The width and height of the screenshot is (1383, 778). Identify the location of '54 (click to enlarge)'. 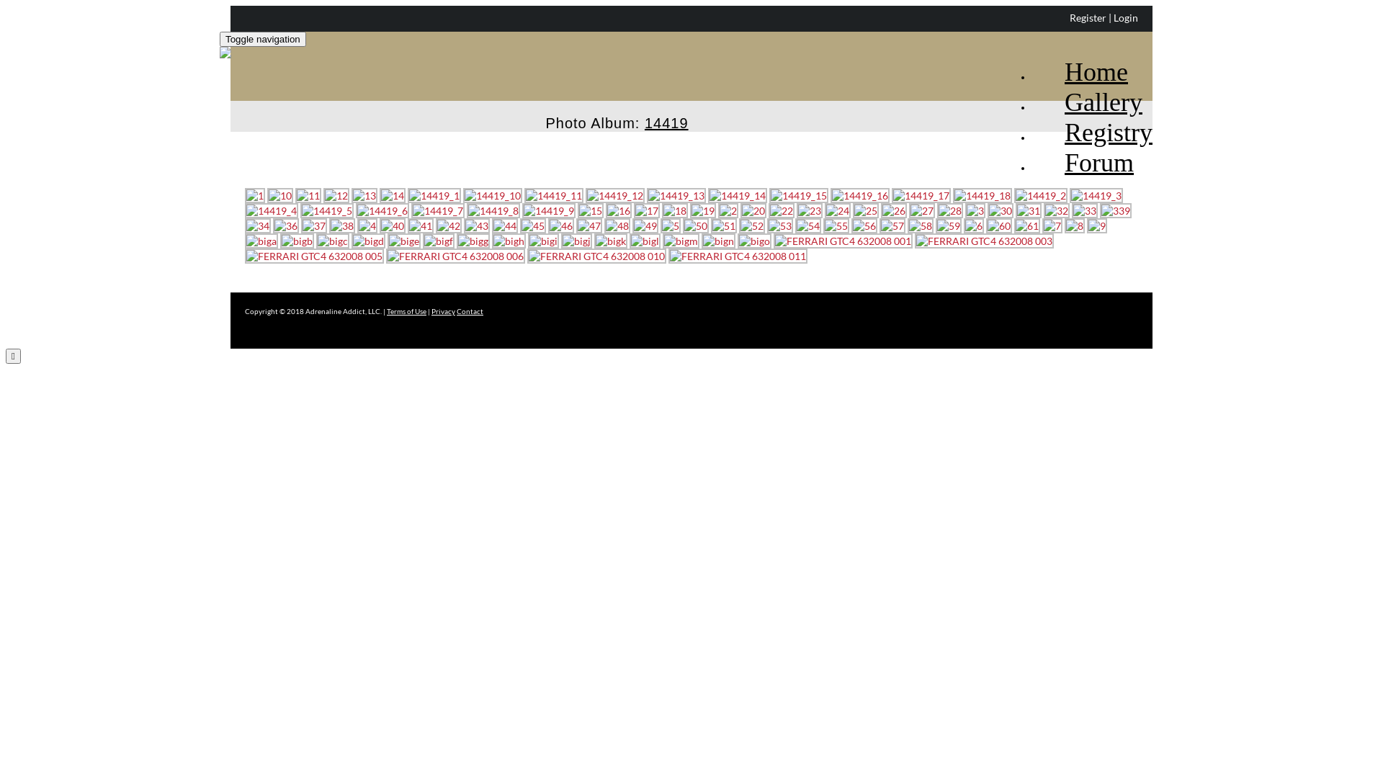
(795, 225).